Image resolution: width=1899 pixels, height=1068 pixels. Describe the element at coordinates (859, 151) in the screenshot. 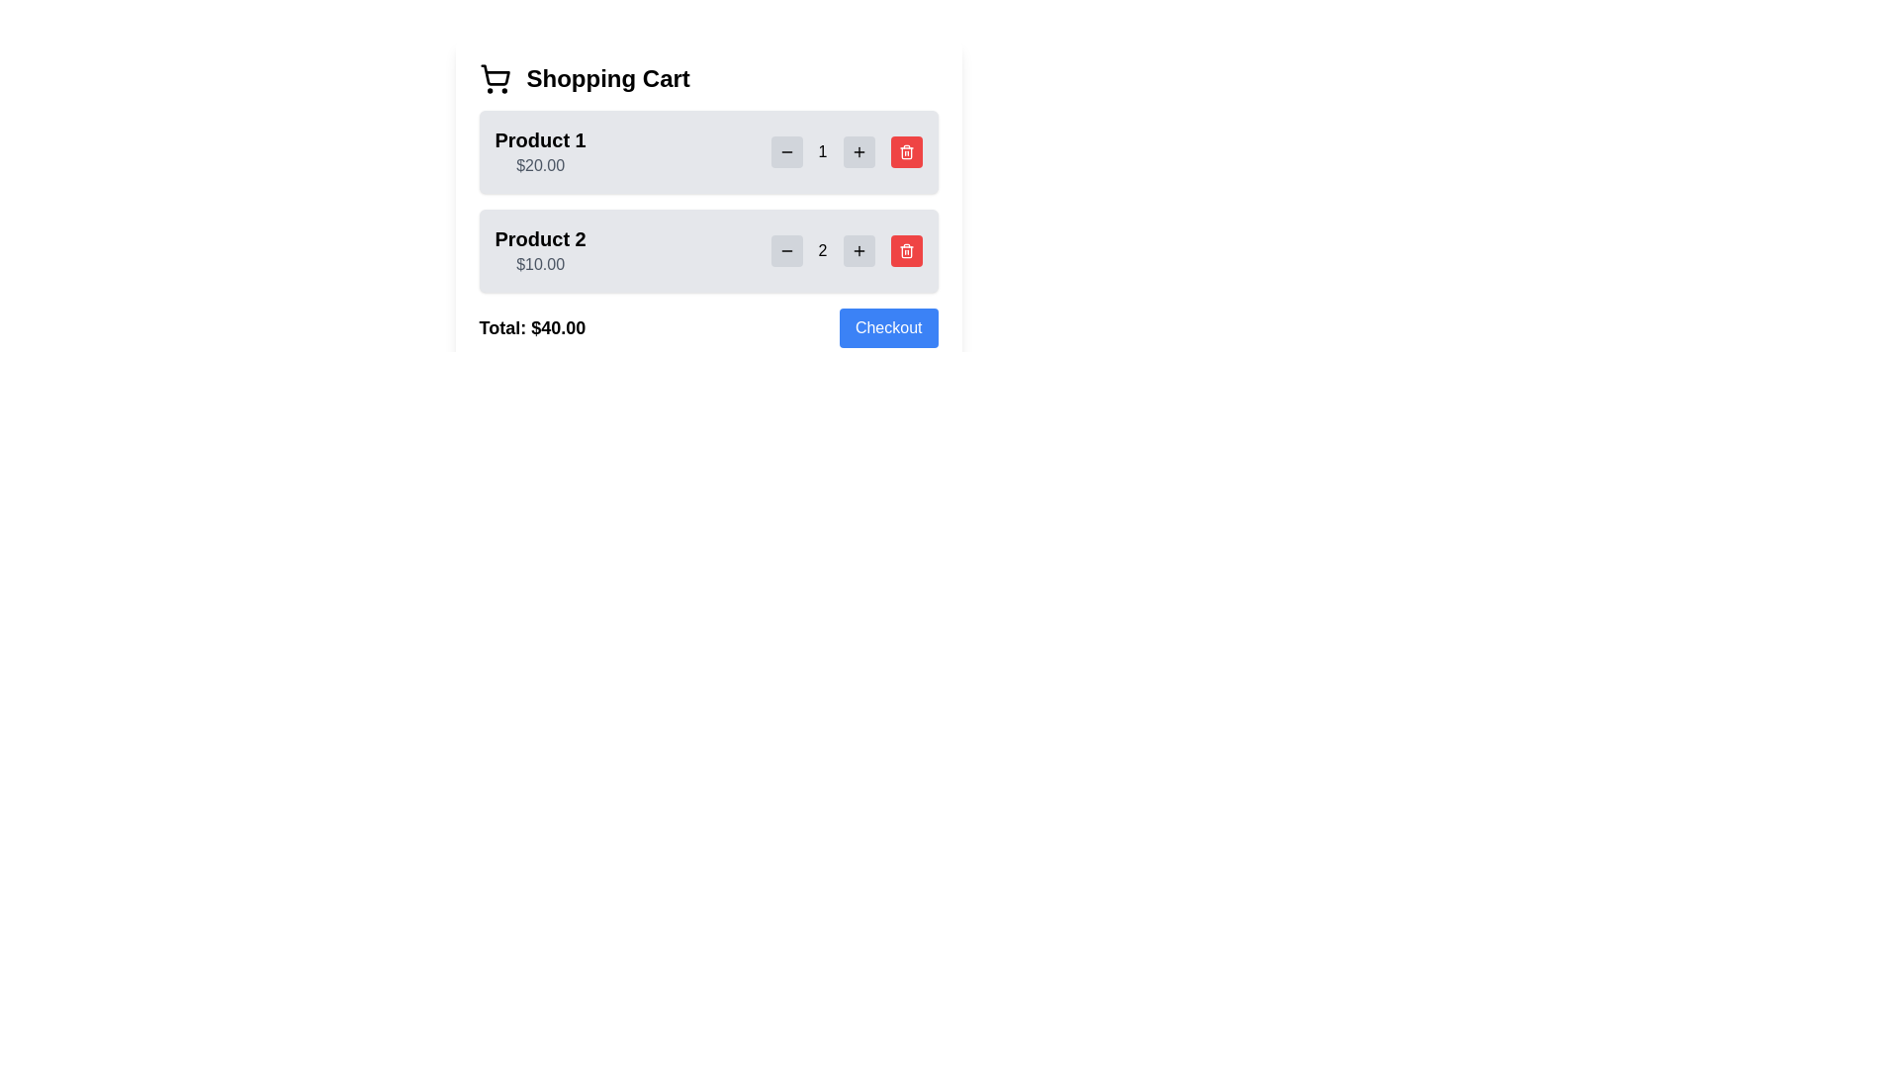

I see `the small interactive button with a '+' symbol located in the second row of the shopping cart product list, adjacent` at that location.